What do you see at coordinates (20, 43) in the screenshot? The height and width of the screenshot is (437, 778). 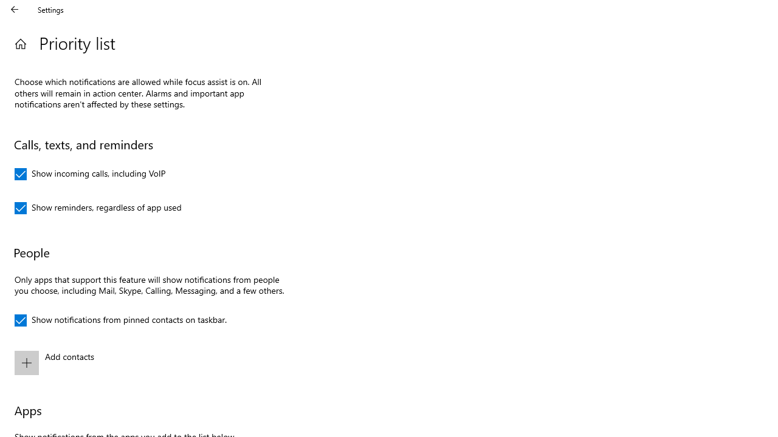 I see `'Home'` at bounding box center [20, 43].